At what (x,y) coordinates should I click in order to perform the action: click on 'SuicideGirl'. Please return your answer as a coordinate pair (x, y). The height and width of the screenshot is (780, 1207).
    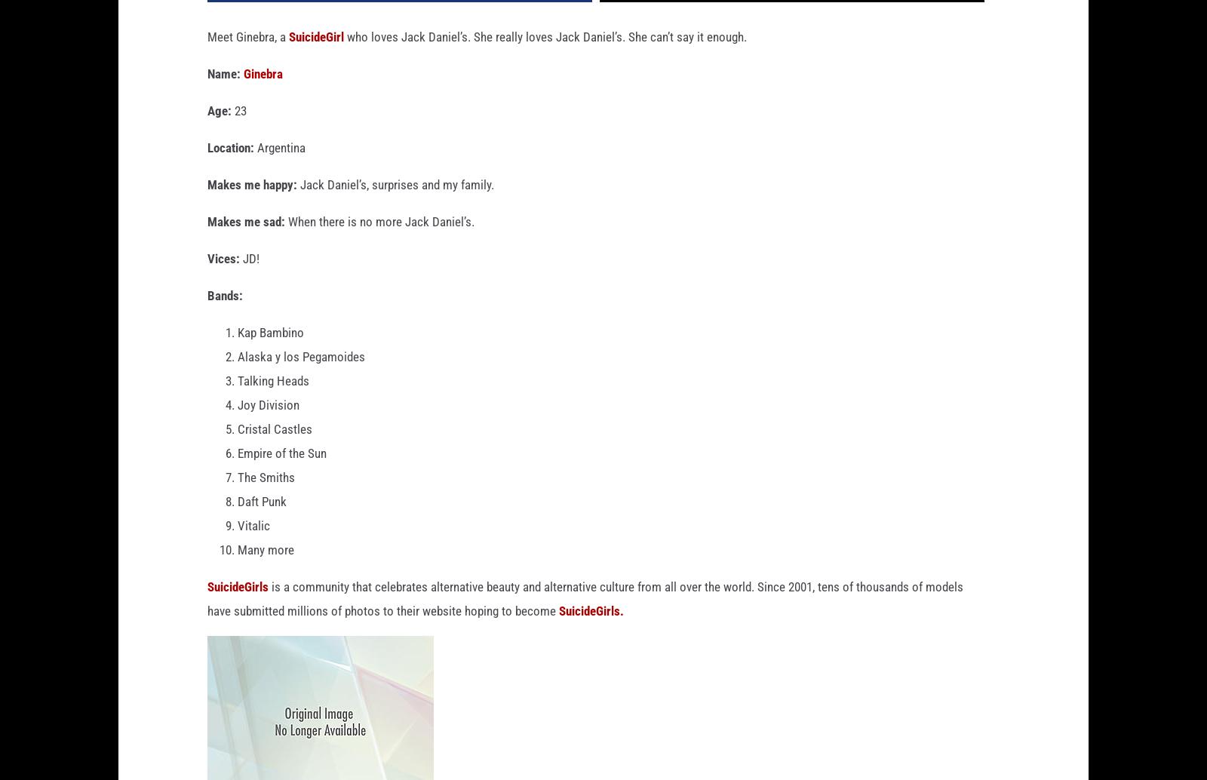
    Looking at the image, I should click on (289, 60).